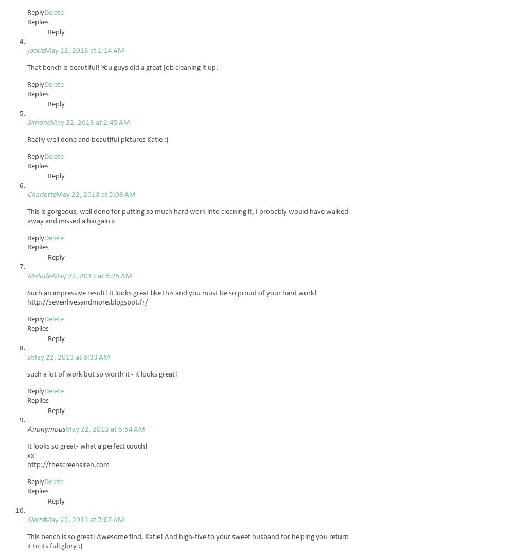  Describe the element at coordinates (102, 374) in the screenshot. I see `'such a lot of work but so worth it - it looks great!'` at that location.